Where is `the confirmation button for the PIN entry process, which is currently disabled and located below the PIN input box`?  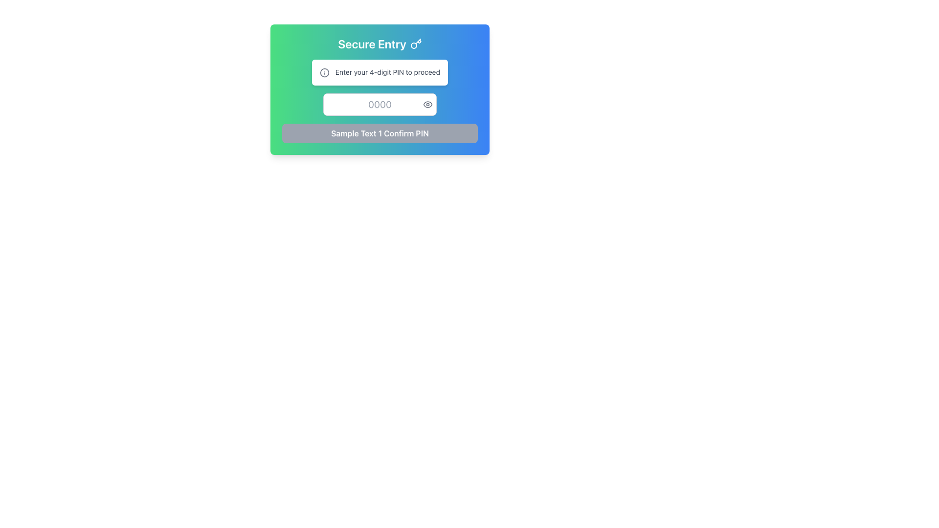
the confirmation button for the PIN entry process, which is currently disabled and located below the PIN input box is located at coordinates (380, 133).